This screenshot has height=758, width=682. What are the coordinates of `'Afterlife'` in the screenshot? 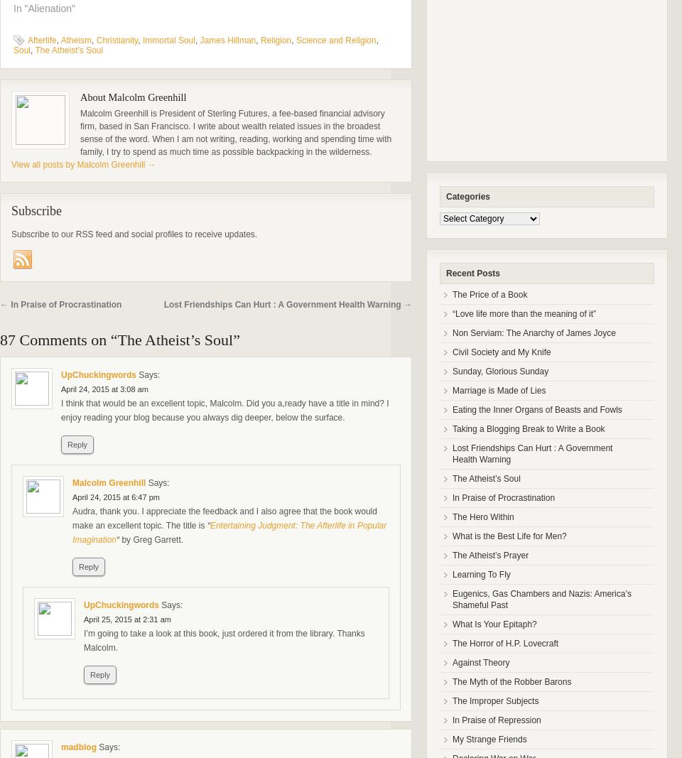 It's located at (41, 39).